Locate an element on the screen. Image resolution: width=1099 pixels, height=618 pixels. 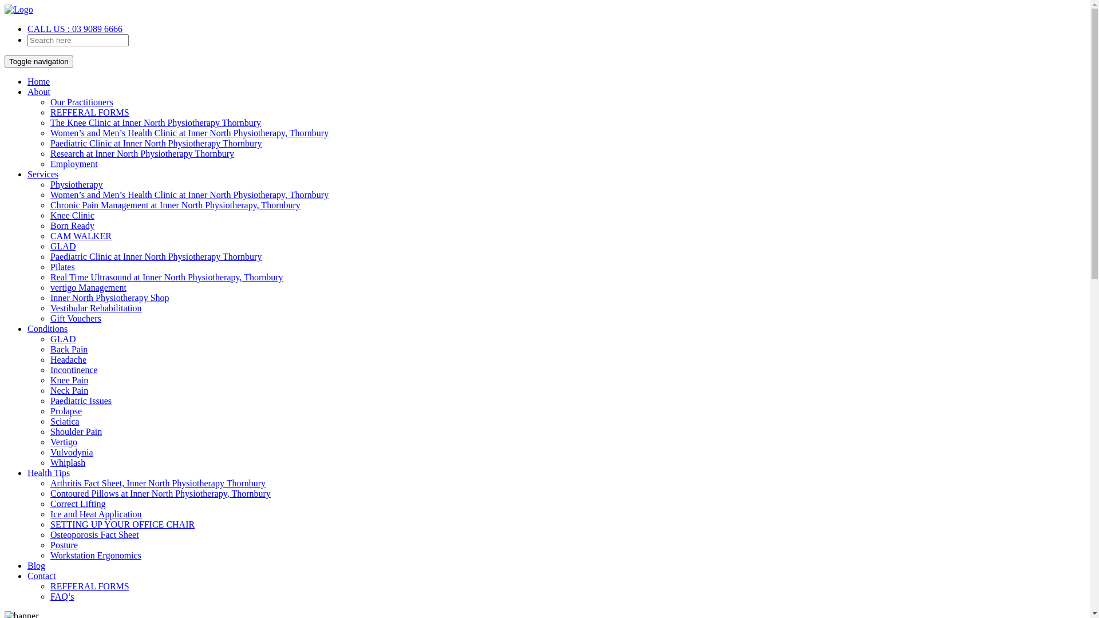
'Our Practitioners' is located at coordinates (81, 101).